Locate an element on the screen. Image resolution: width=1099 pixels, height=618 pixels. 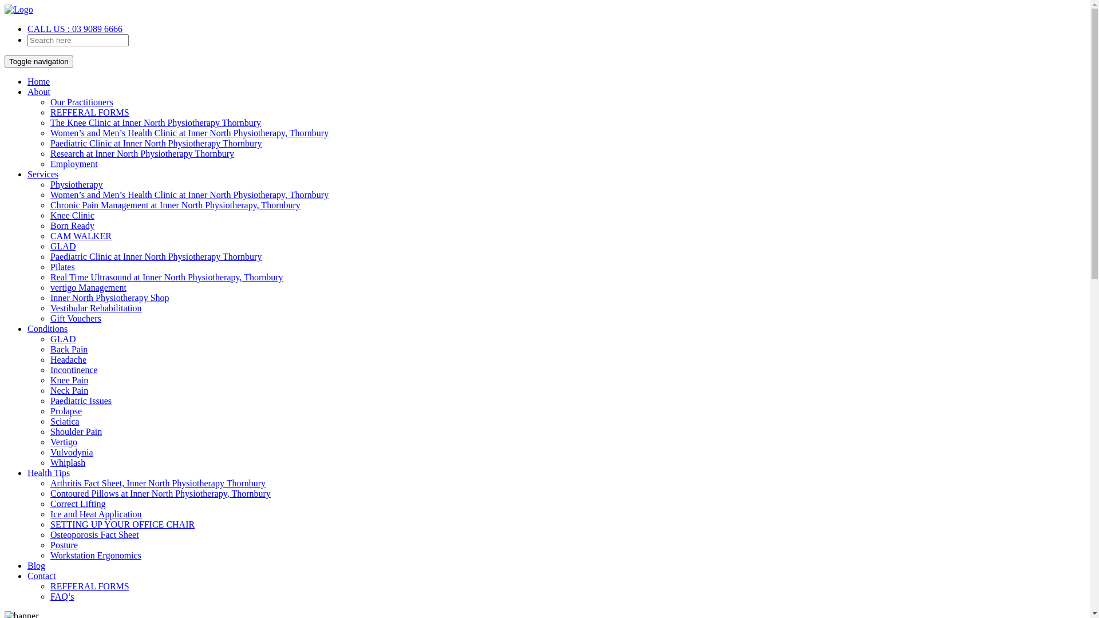
'Our Practitioners' is located at coordinates (81, 101).